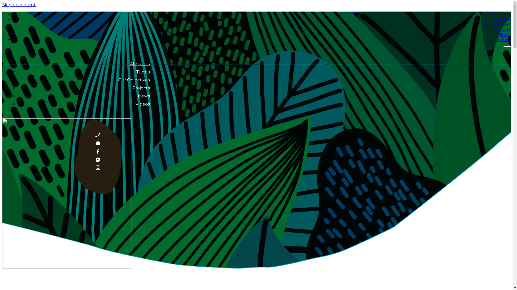  Describe the element at coordinates (504, 19) in the screenshot. I see `'Tumra'` at that location.